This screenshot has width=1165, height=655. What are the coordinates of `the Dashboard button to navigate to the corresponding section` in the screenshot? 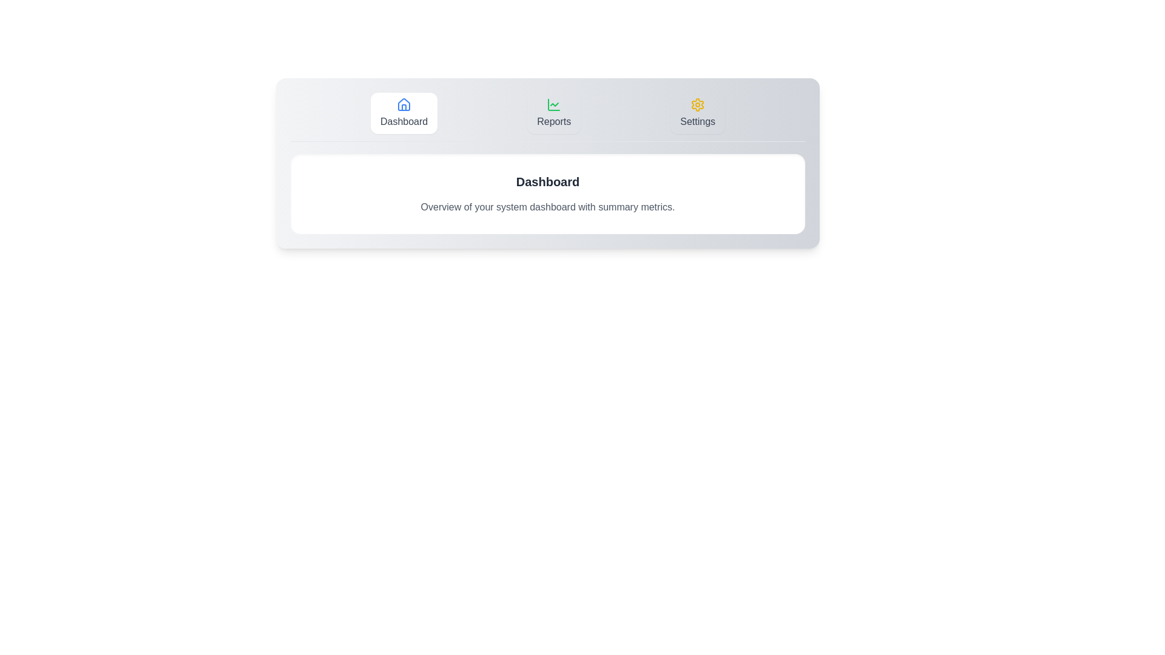 It's located at (404, 113).